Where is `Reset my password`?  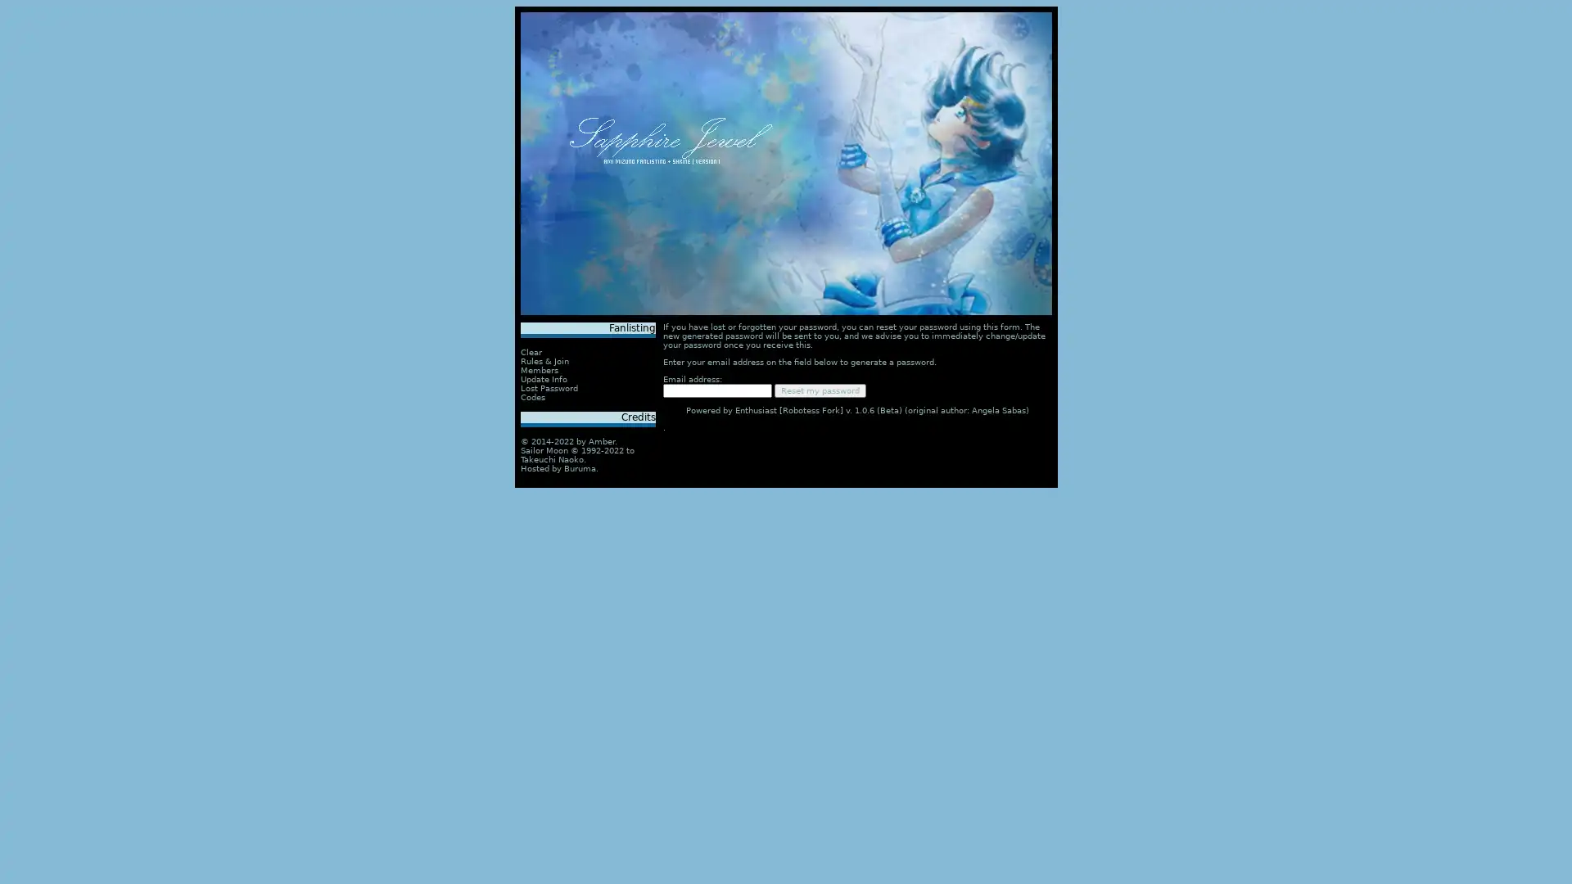 Reset my password is located at coordinates (820, 390).